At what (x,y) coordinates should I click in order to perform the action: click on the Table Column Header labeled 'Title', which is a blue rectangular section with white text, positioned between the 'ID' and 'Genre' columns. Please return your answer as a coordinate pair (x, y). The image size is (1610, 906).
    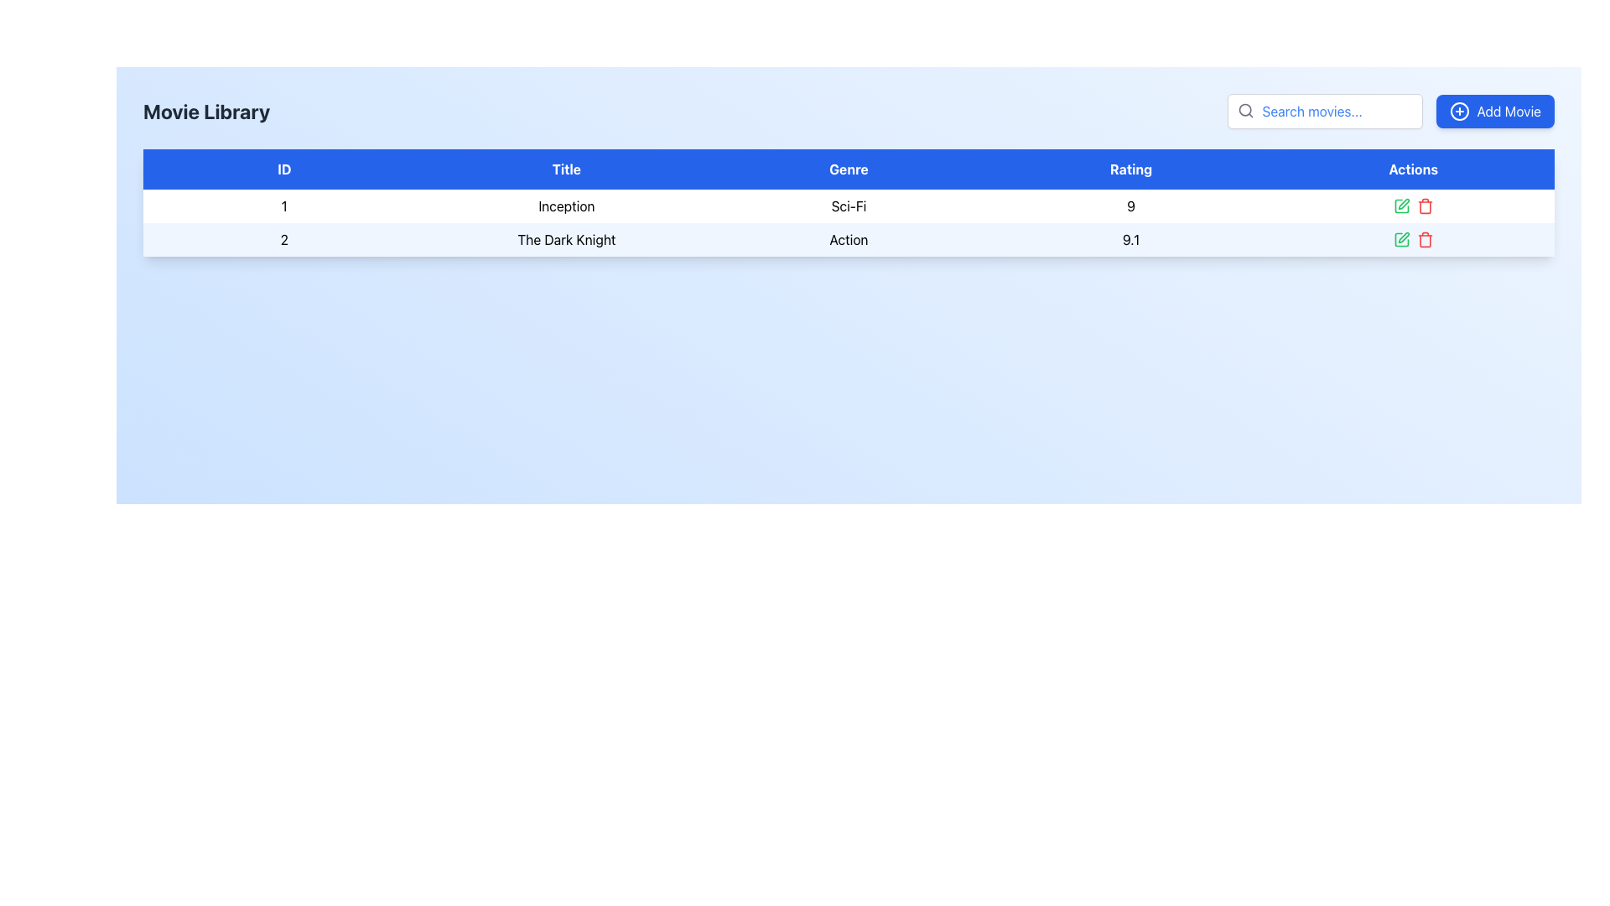
    Looking at the image, I should click on (566, 169).